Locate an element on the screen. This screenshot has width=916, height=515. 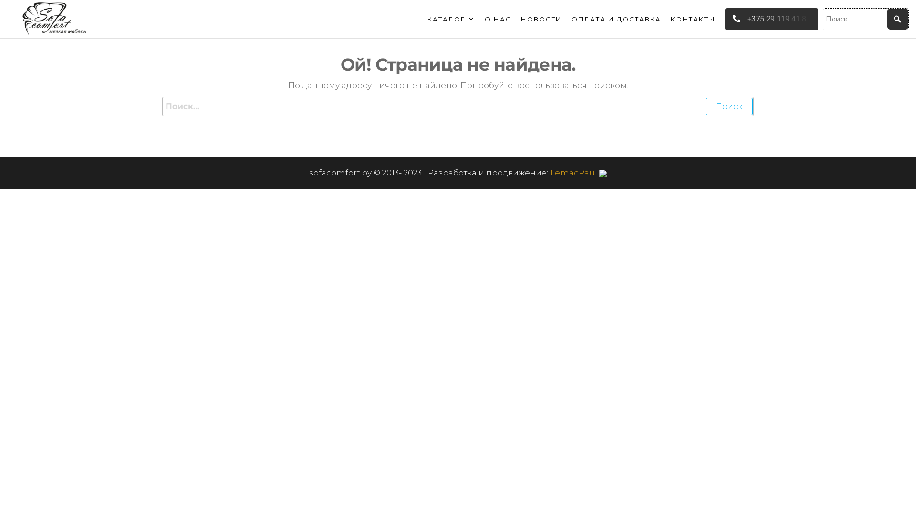
'Search' is located at coordinates (21, 14).